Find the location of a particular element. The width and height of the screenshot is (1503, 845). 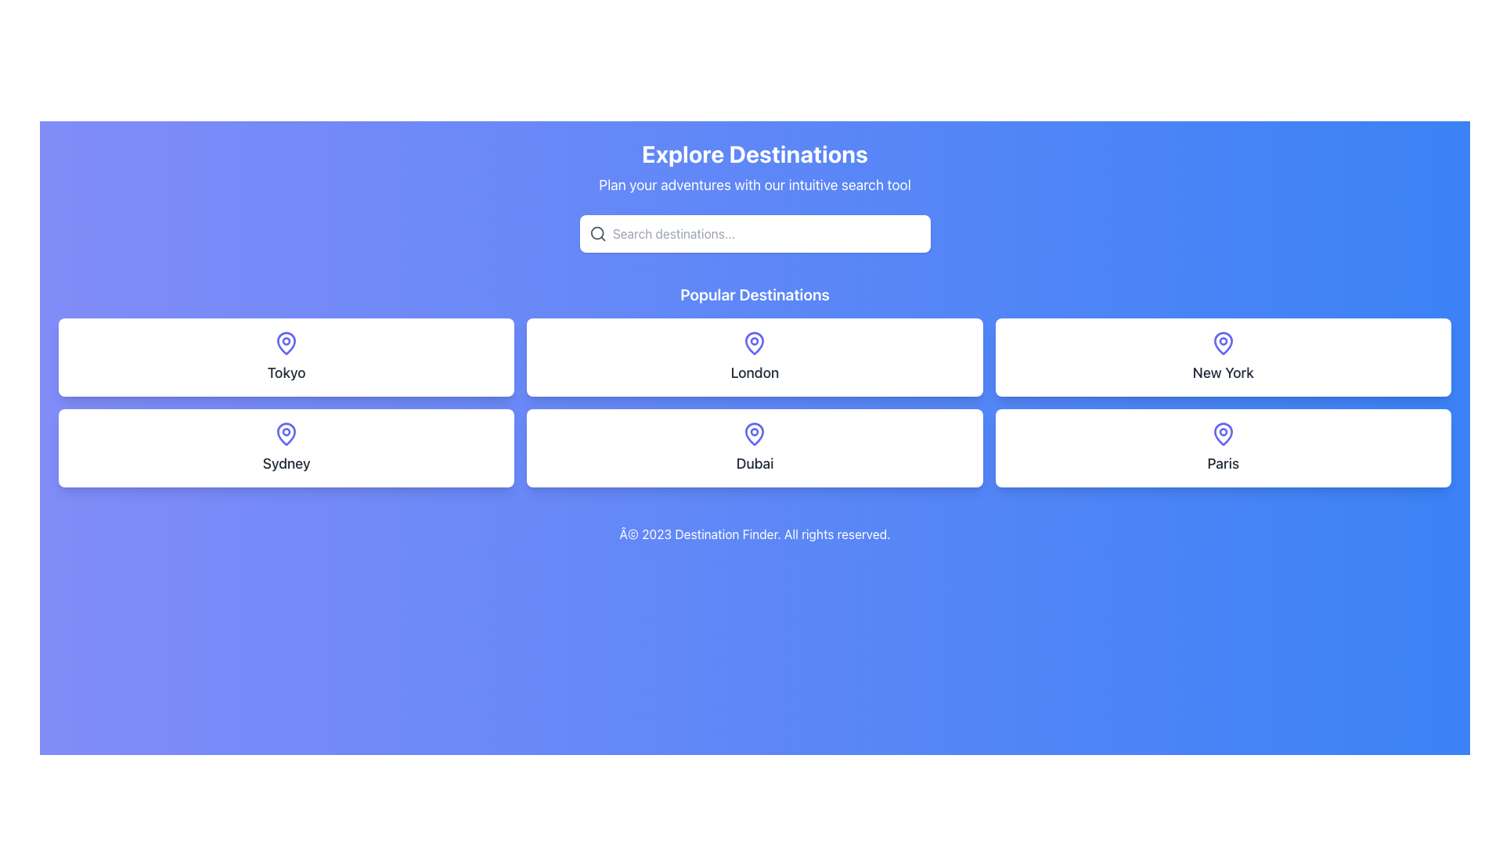

the deep indigo map pin icon located above the text 'London' in the 'Popular Destinations' section, which is in the second column of the top row is located at coordinates (755, 343).